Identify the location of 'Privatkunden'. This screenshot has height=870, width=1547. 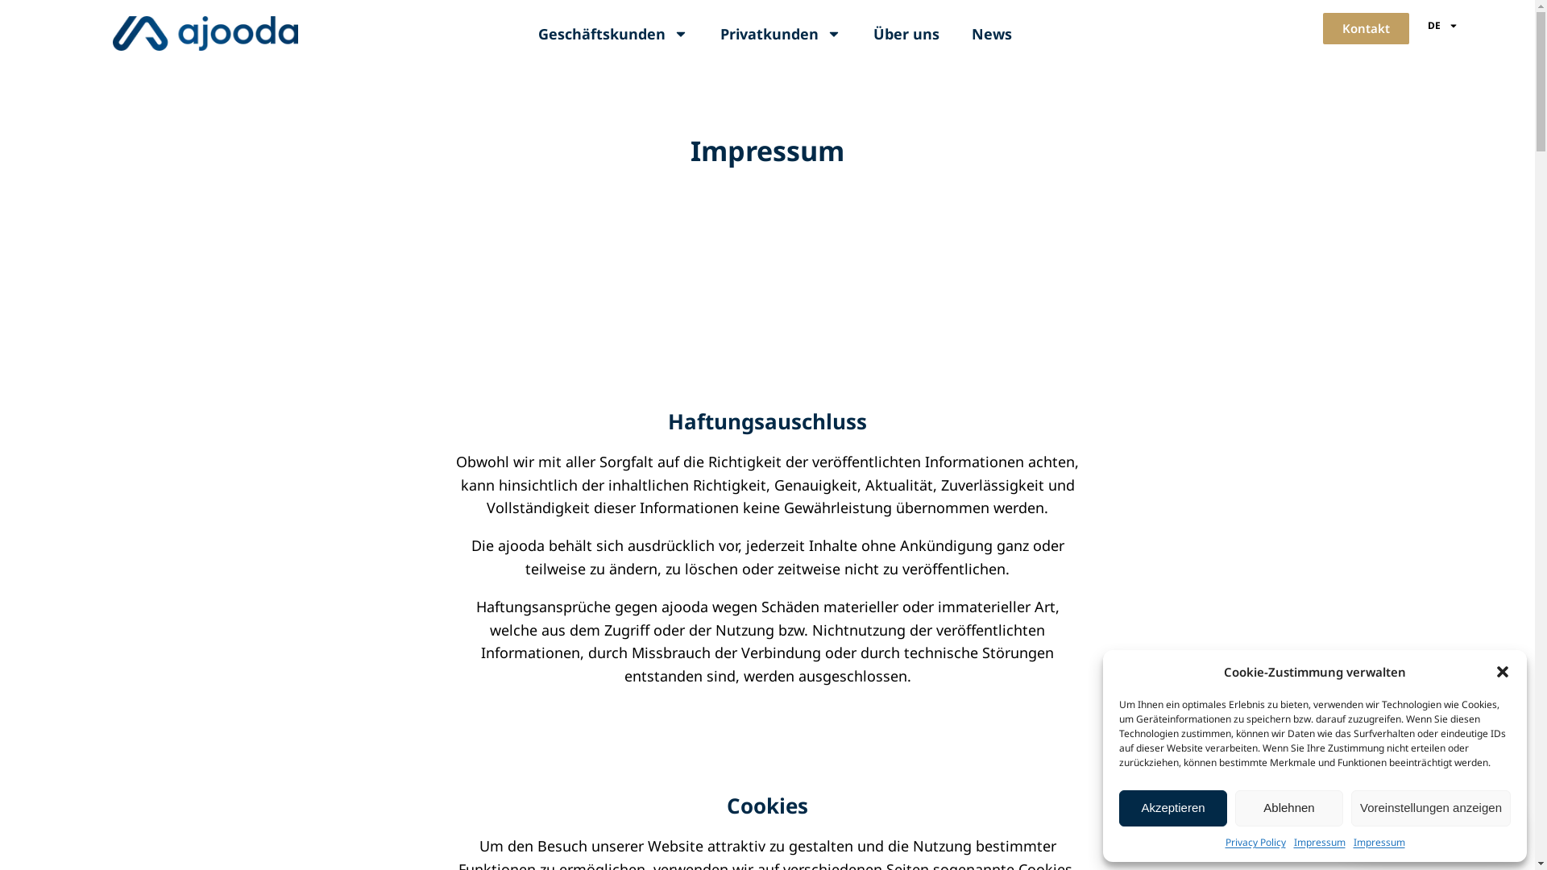
(781, 34).